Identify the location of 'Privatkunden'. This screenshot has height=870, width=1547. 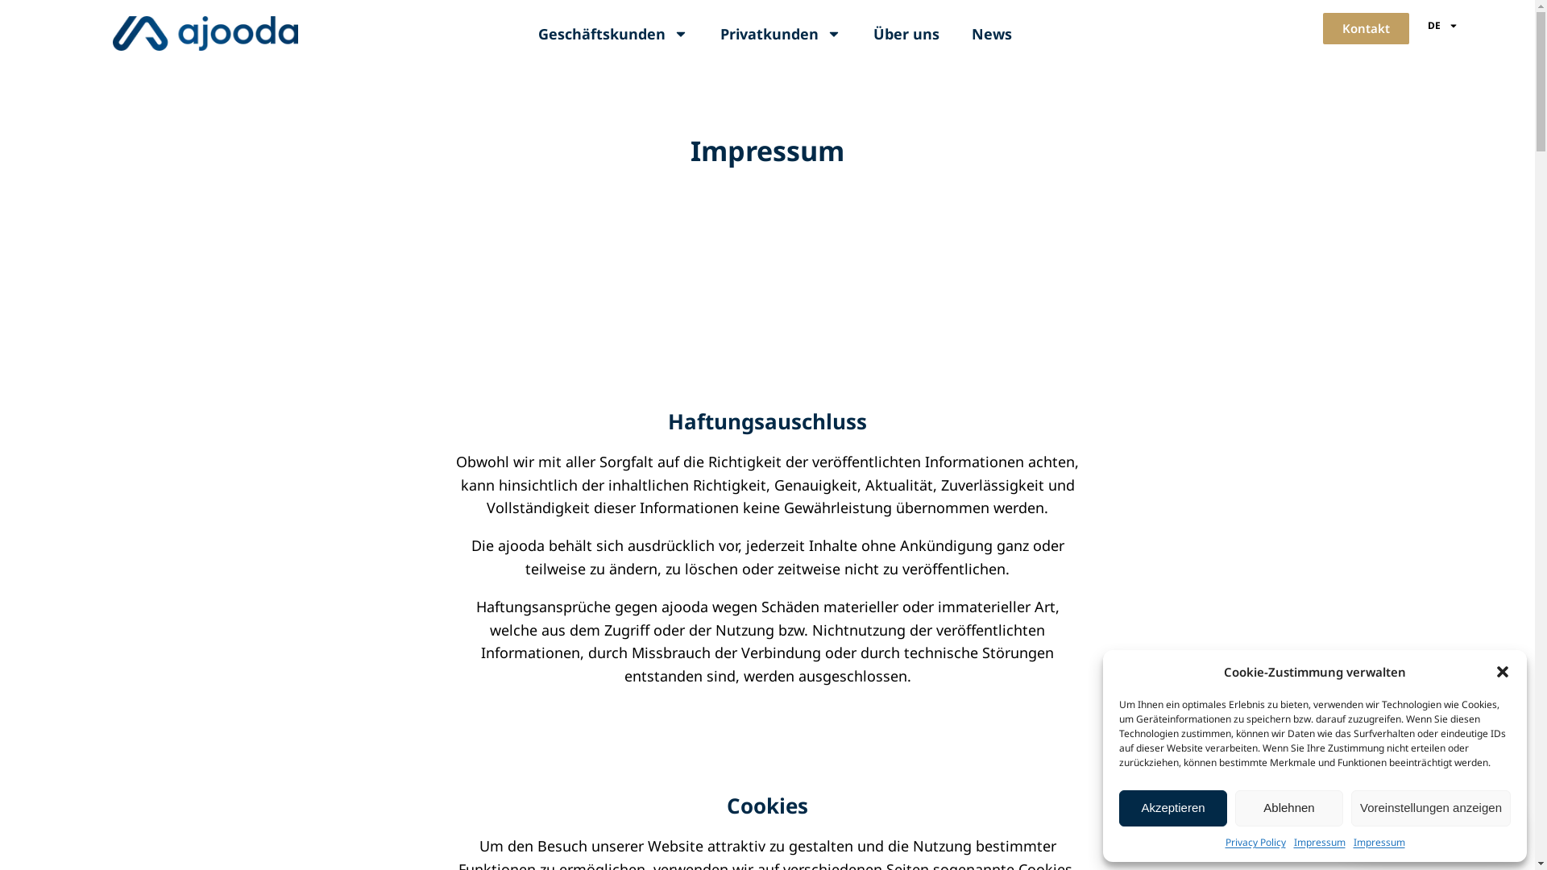
(781, 34).